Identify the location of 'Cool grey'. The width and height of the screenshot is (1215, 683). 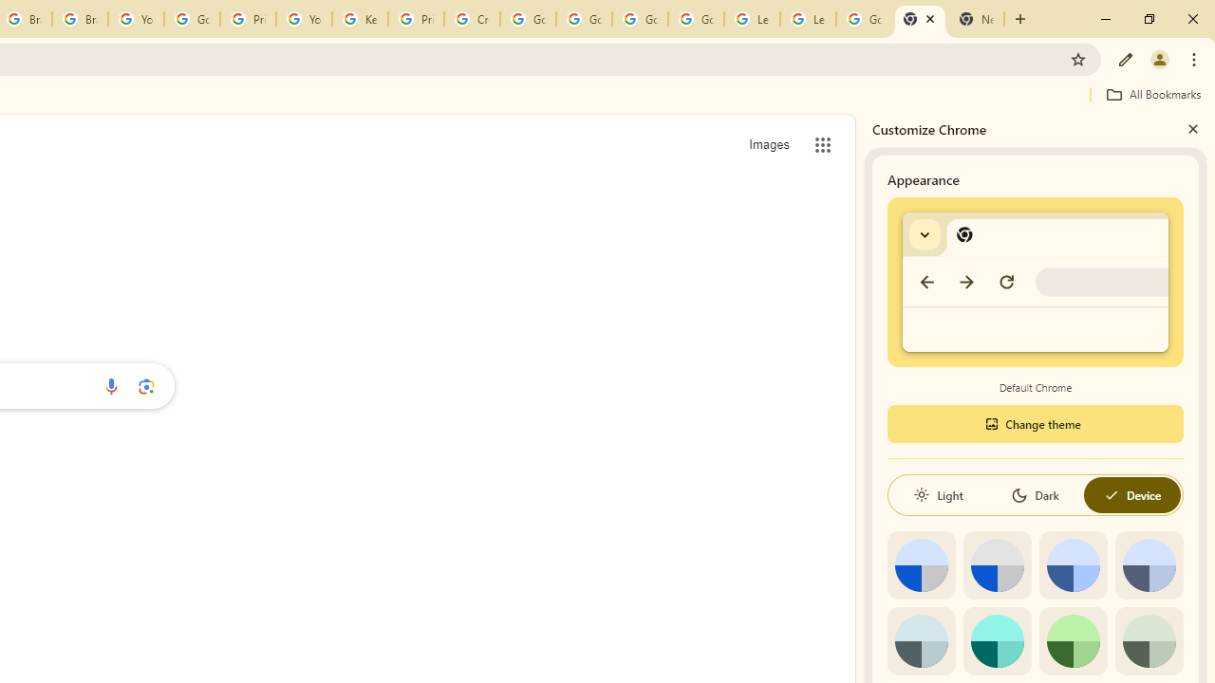
(1148, 564).